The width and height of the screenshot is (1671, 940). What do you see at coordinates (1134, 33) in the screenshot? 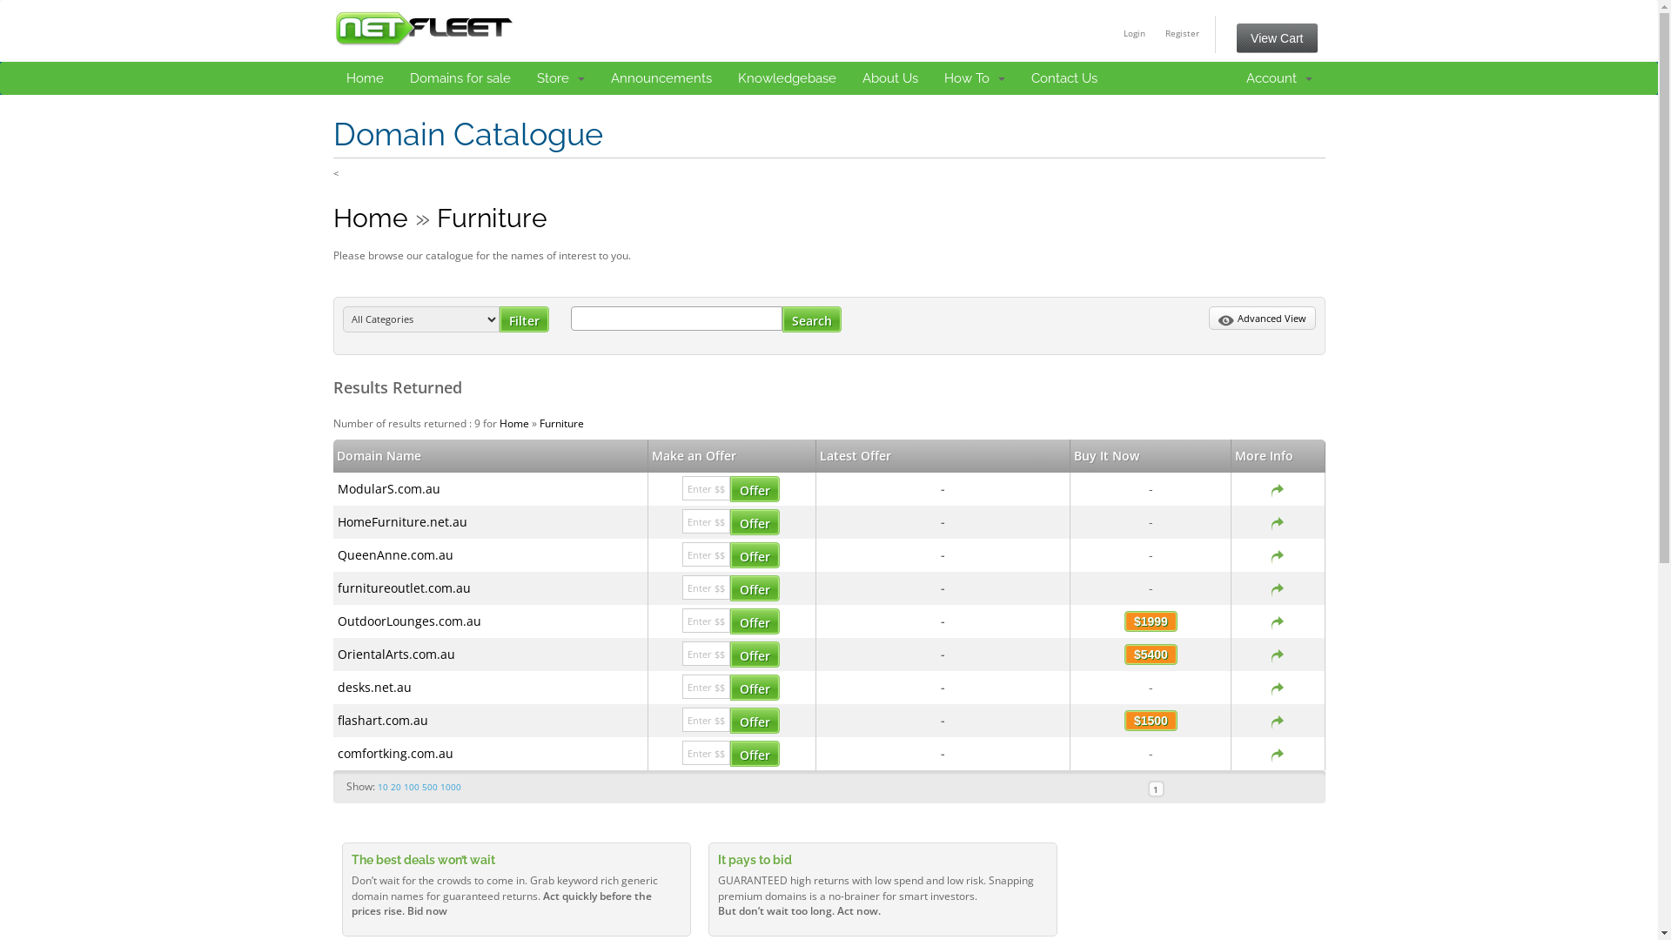
I see `'Login'` at bounding box center [1134, 33].